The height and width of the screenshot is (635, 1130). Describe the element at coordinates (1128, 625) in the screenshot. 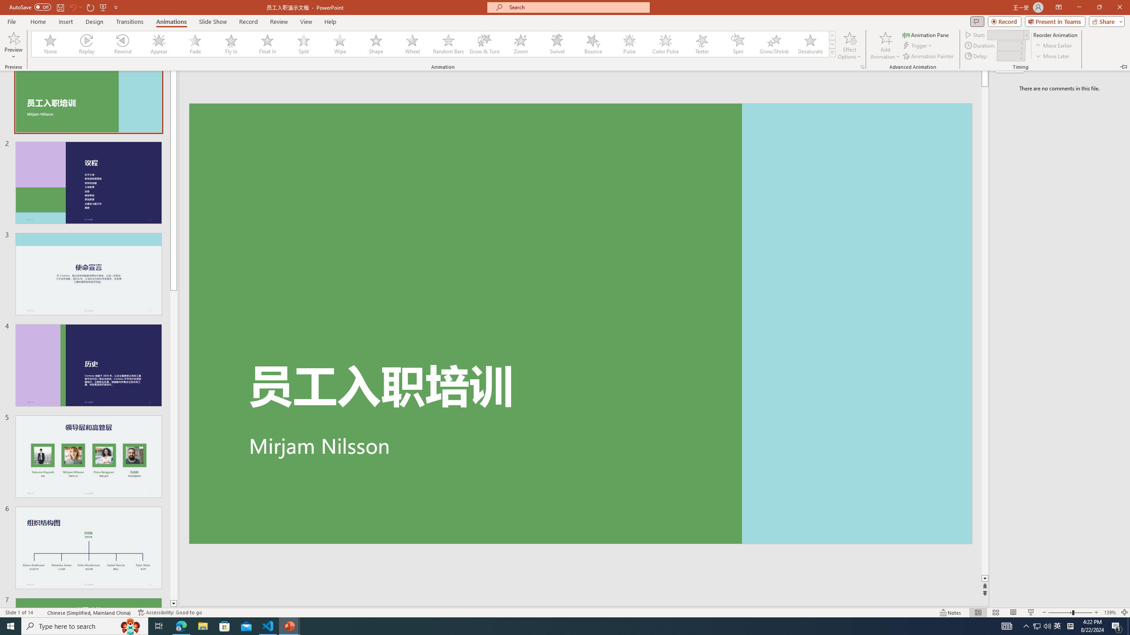

I see `'Show desktop'` at that location.